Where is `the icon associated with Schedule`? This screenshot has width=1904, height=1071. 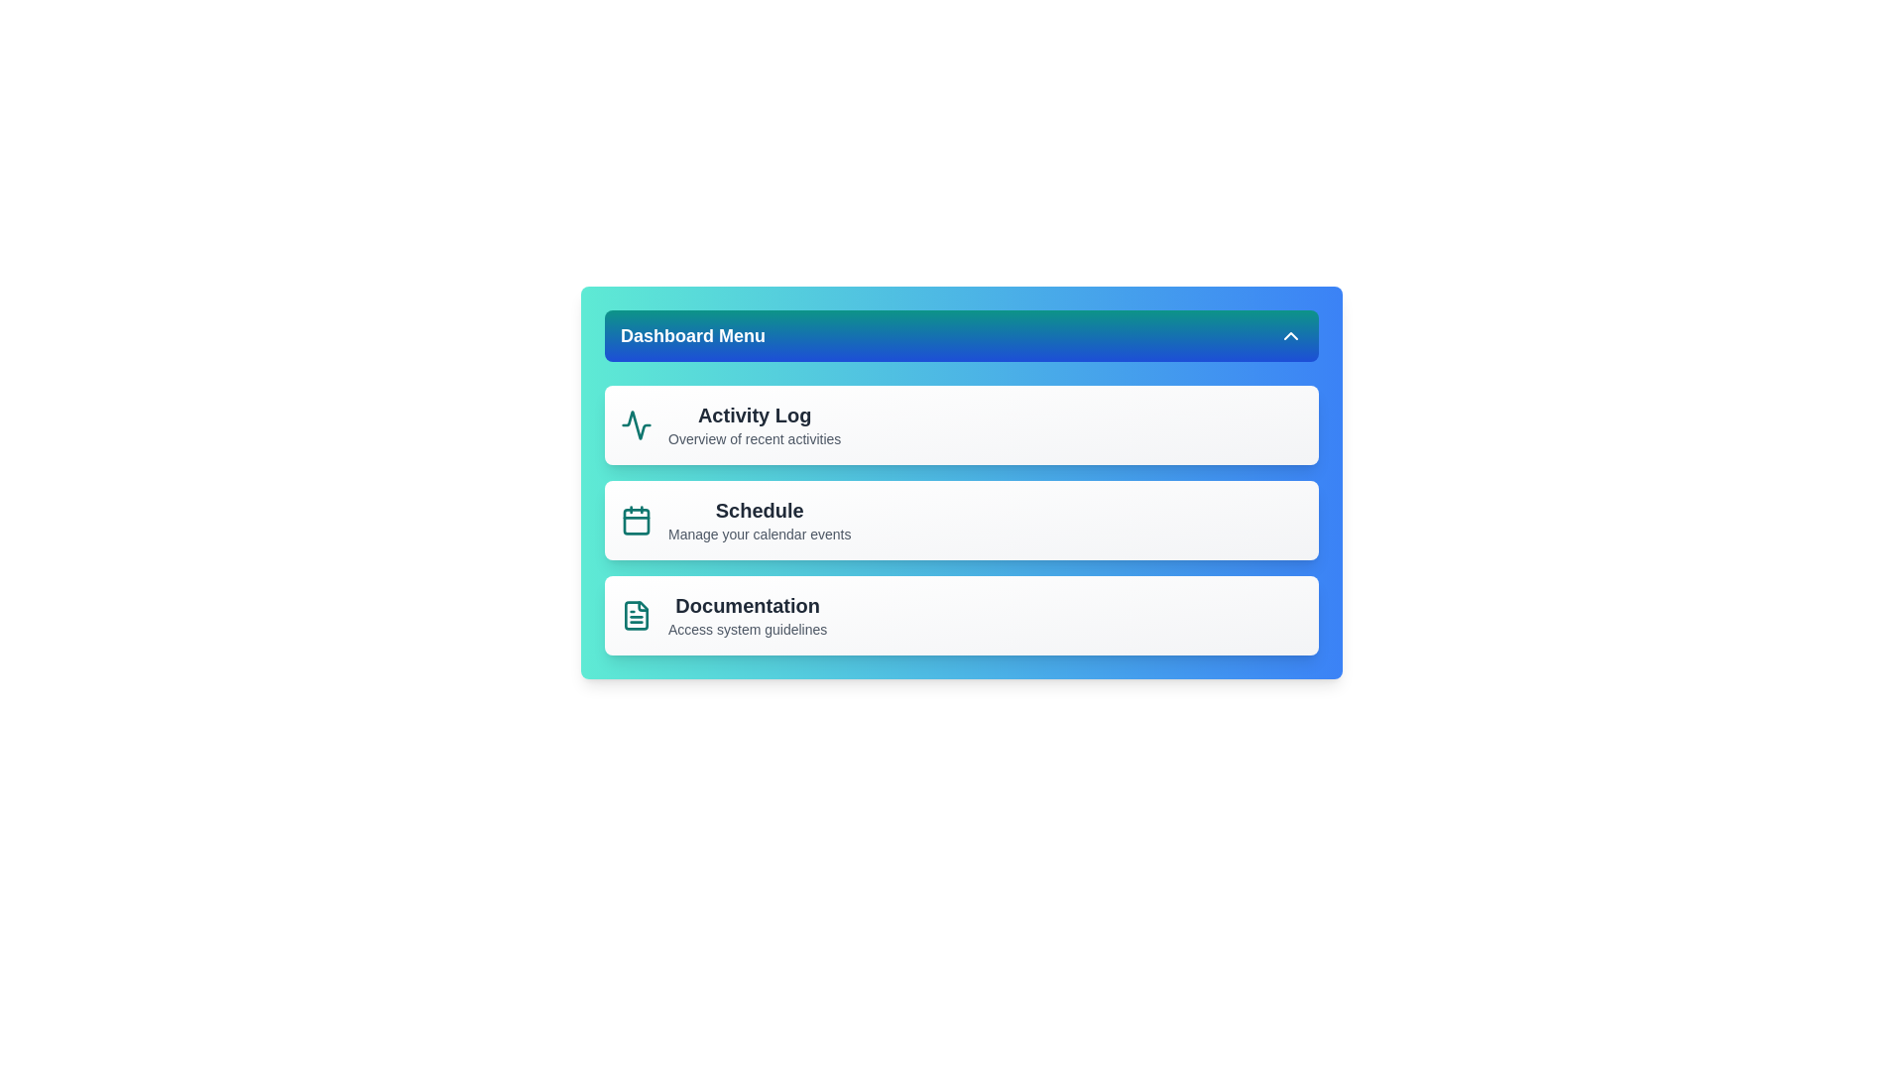
the icon associated with Schedule is located at coordinates (637, 519).